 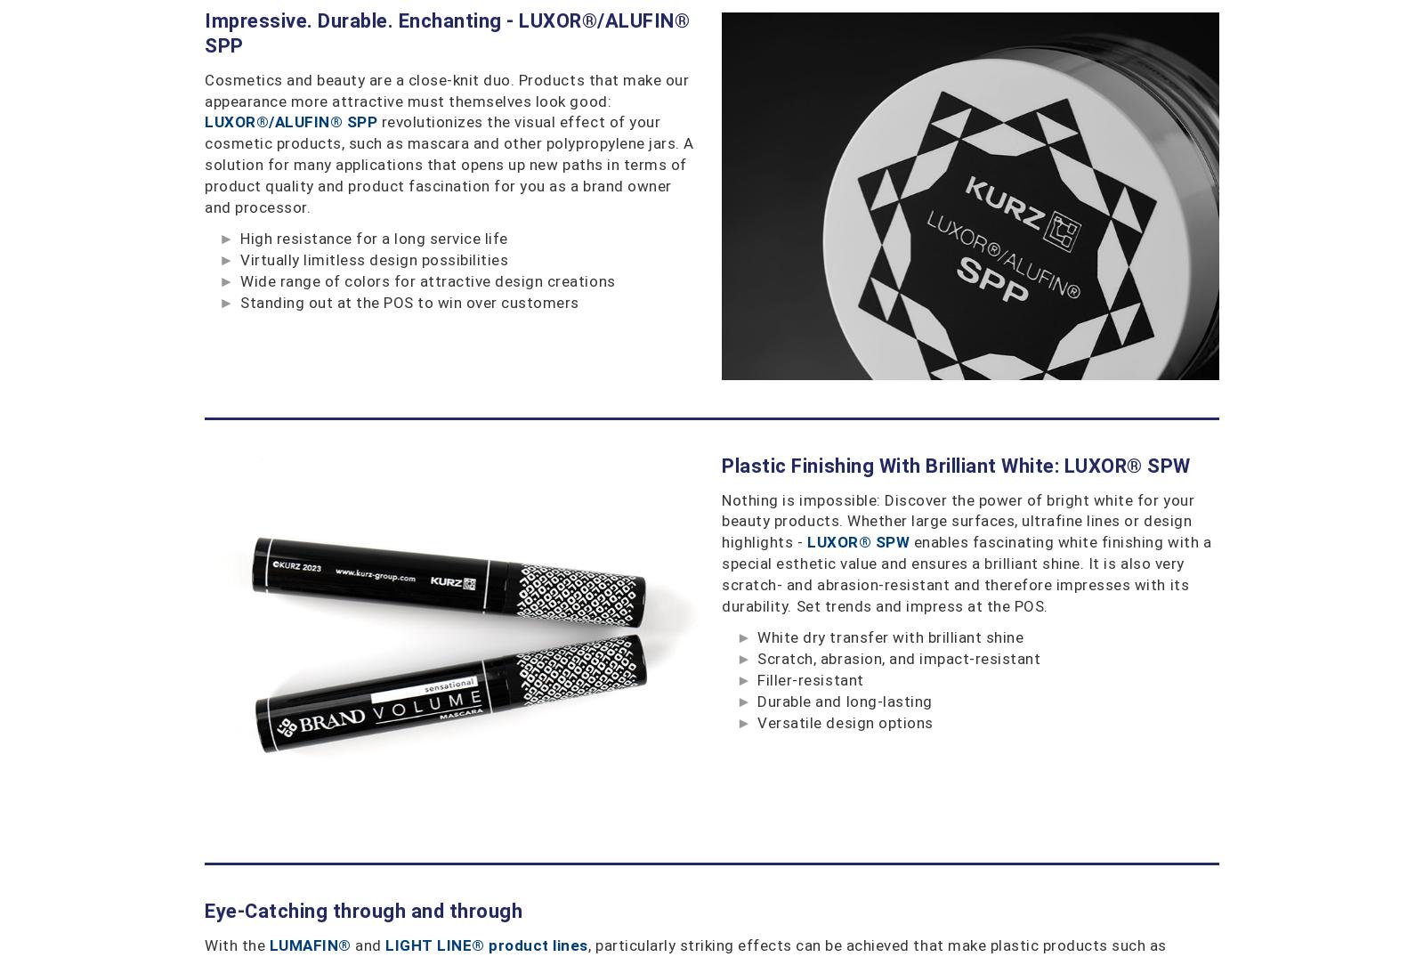 I want to click on 'LUXOR® SPW', so click(x=857, y=540).